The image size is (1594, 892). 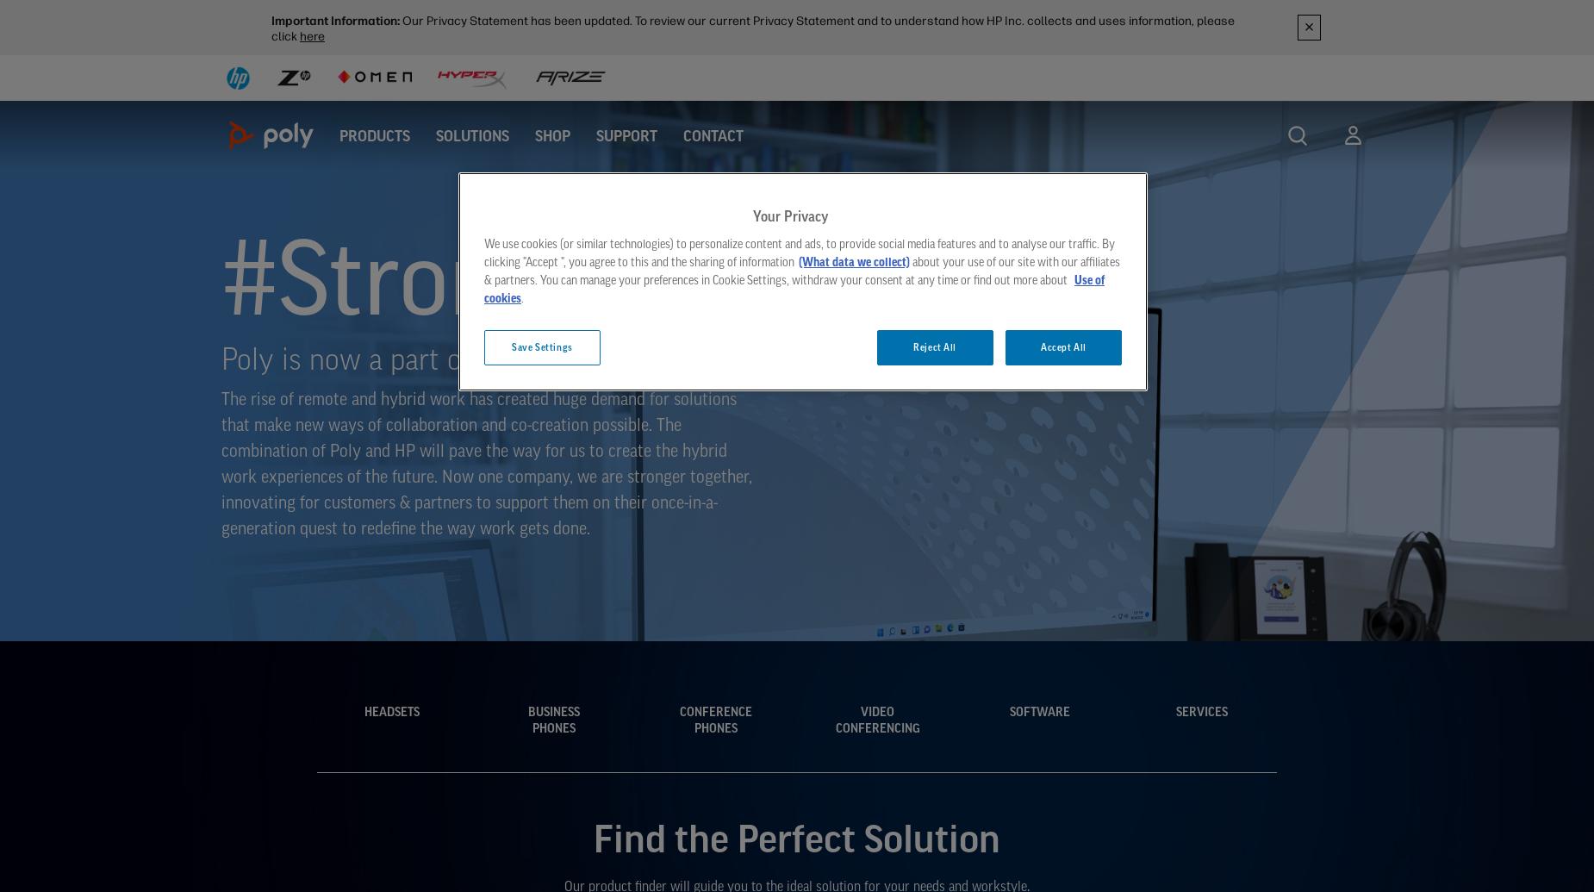 I want to click on '#StrongerTogether', so click(x=609, y=281).